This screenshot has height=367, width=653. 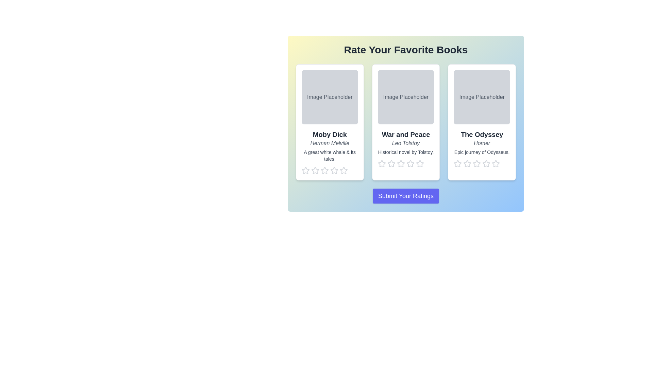 I want to click on the star corresponding to the rating 5 for the book War and Peace, so click(x=419, y=164).